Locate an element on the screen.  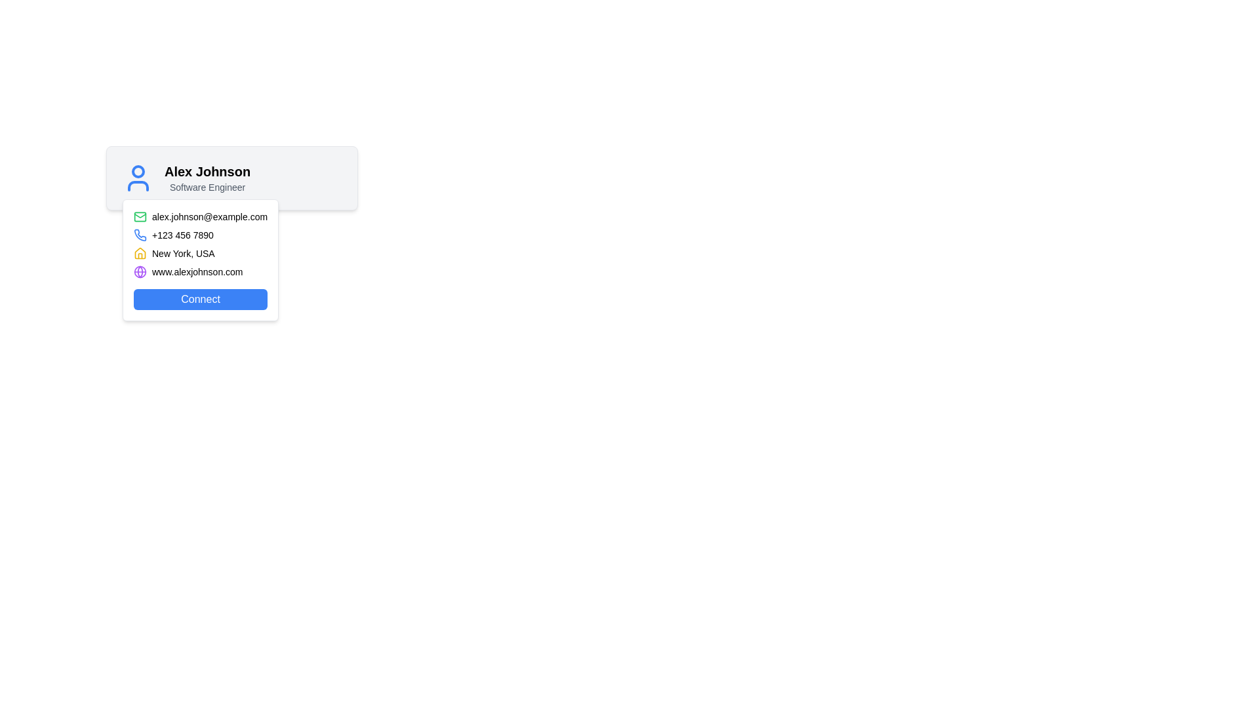
the decorative Circle SVG element associated with the globe icon located to the left of 'www.alexjohnson.com' in the user contact card layout is located at coordinates (140, 271).